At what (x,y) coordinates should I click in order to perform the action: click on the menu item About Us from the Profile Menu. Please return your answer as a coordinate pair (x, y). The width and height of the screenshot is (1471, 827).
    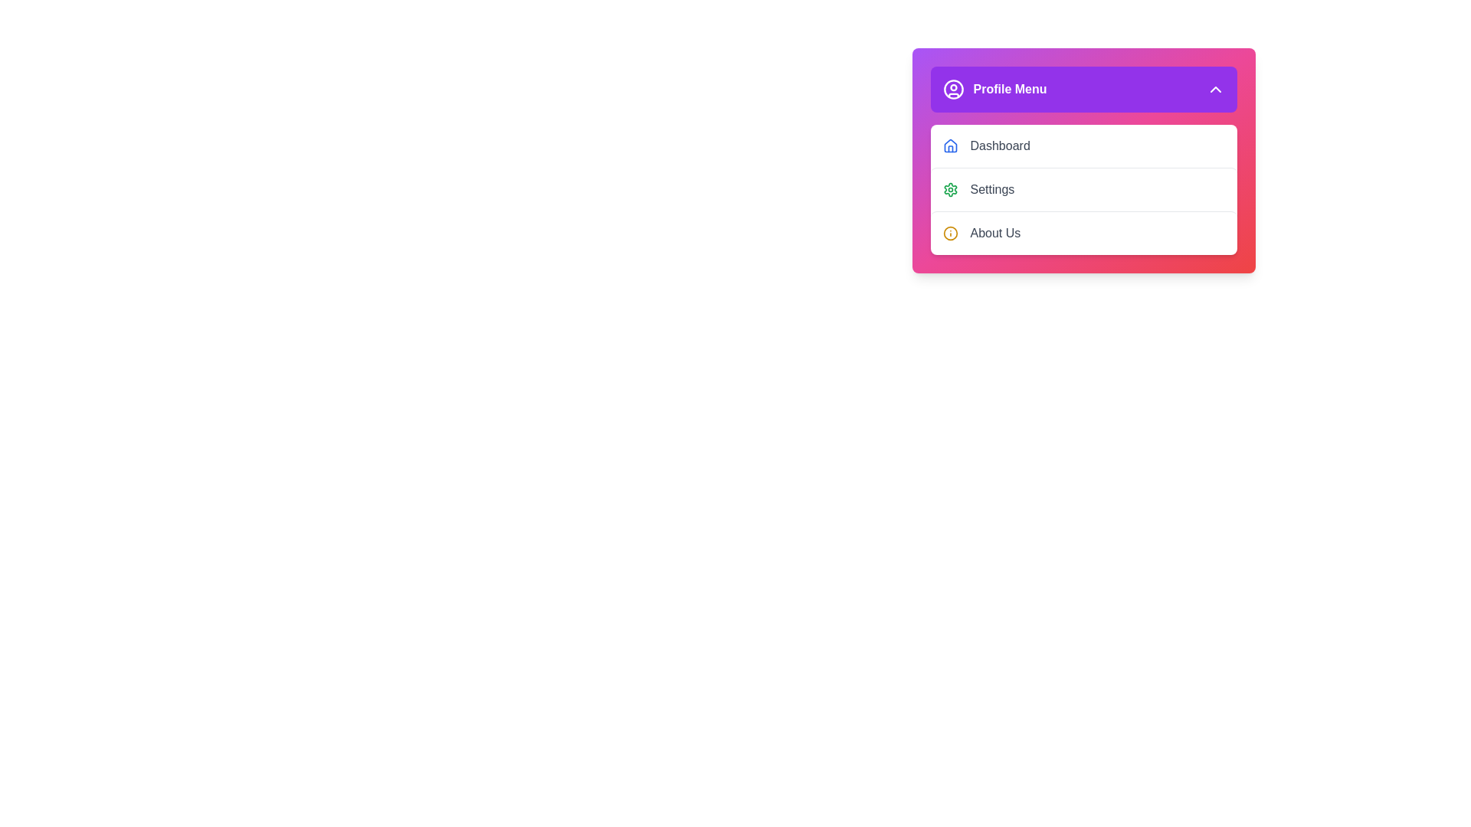
    Looking at the image, I should click on (1083, 233).